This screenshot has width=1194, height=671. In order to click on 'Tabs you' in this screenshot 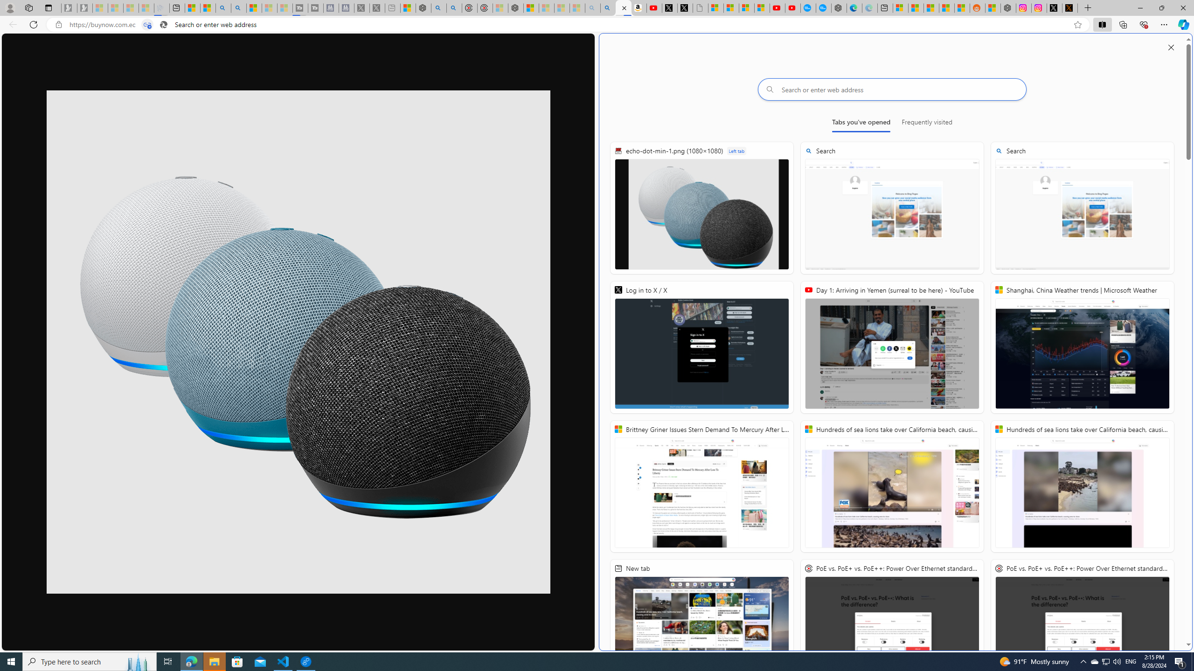, I will do `click(860, 123)`.